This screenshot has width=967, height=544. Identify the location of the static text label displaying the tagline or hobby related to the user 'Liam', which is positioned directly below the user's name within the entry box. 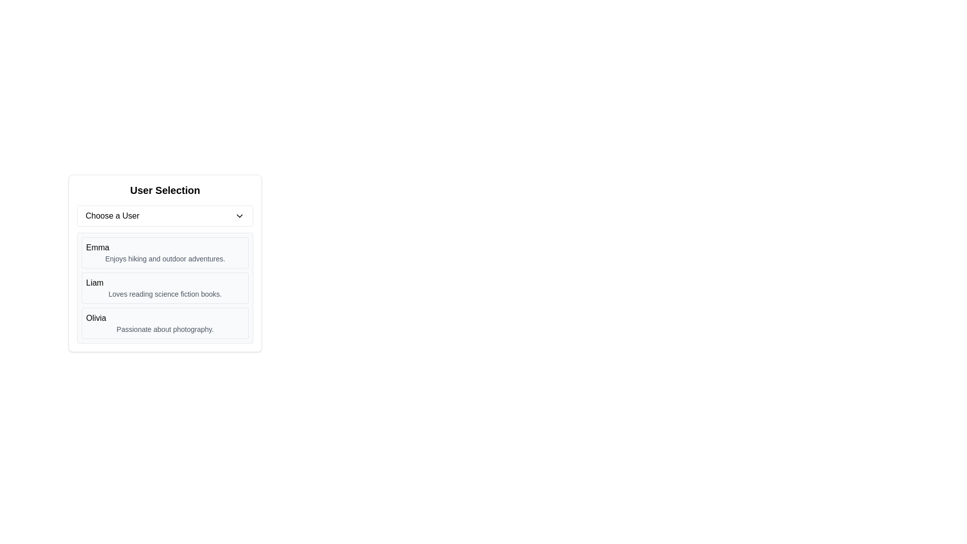
(165, 294).